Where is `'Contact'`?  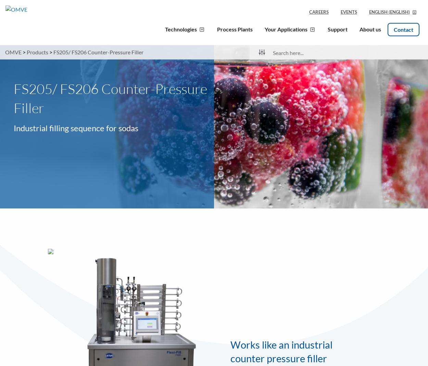
'Contact' is located at coordinates (403, 29).